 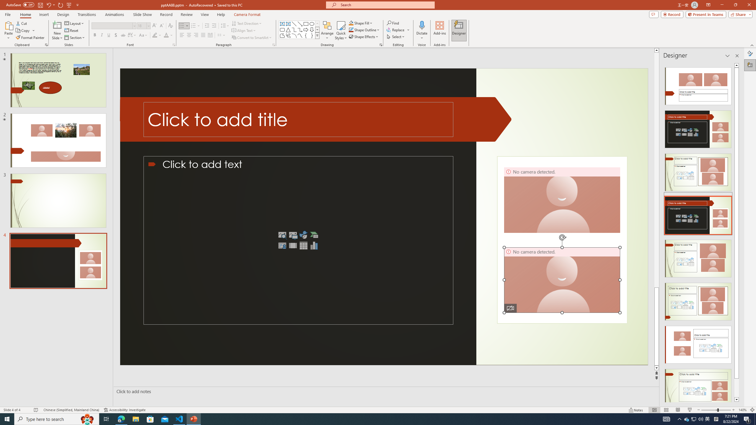 I want to click on 'Text Highlight Color', so click(x=157, y=35).